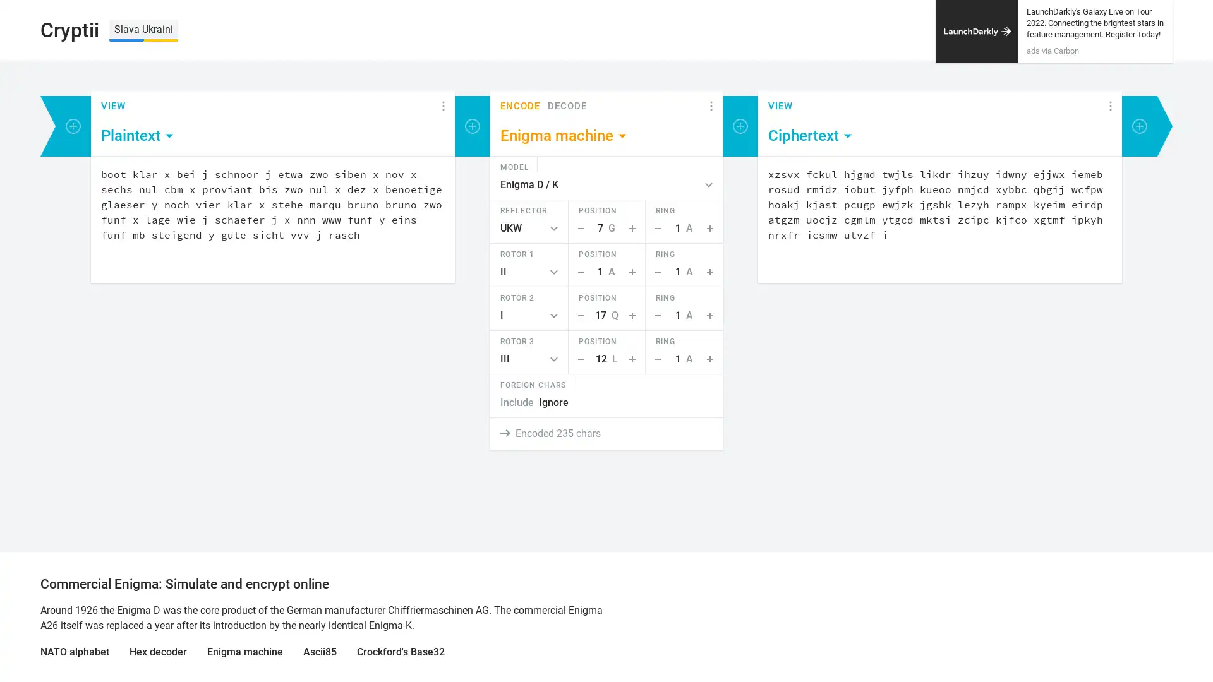 This screenshot has width=1213, height=682. What do you see at coordinates (634, 272) in the screenshot?
I see `Step Up` at bounding box center [634, 272].